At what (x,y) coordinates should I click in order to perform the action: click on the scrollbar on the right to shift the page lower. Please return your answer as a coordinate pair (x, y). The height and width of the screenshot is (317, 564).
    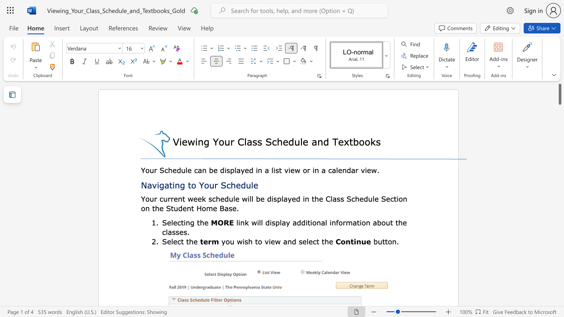
    Looking at the image, I should click on (559, 277).